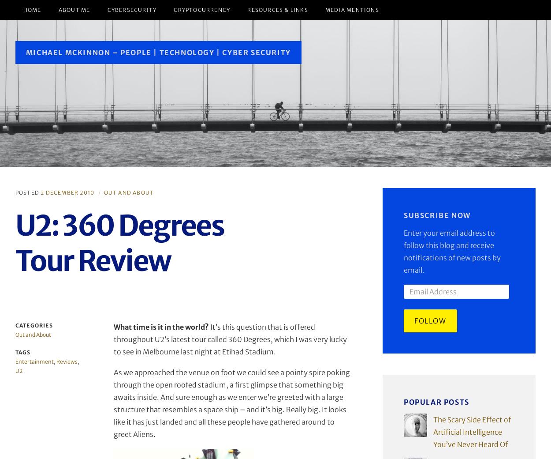  I want to click on '2 December 2010', so click(67, 192).